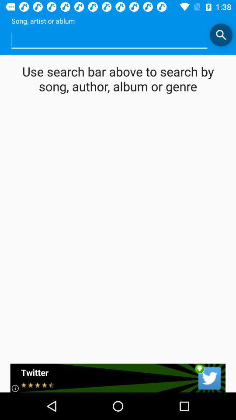 This screenshot has width=236, height=420. Describe the element at coordinates (109, 39) in the screenshot. I see `to type search query` at that location.